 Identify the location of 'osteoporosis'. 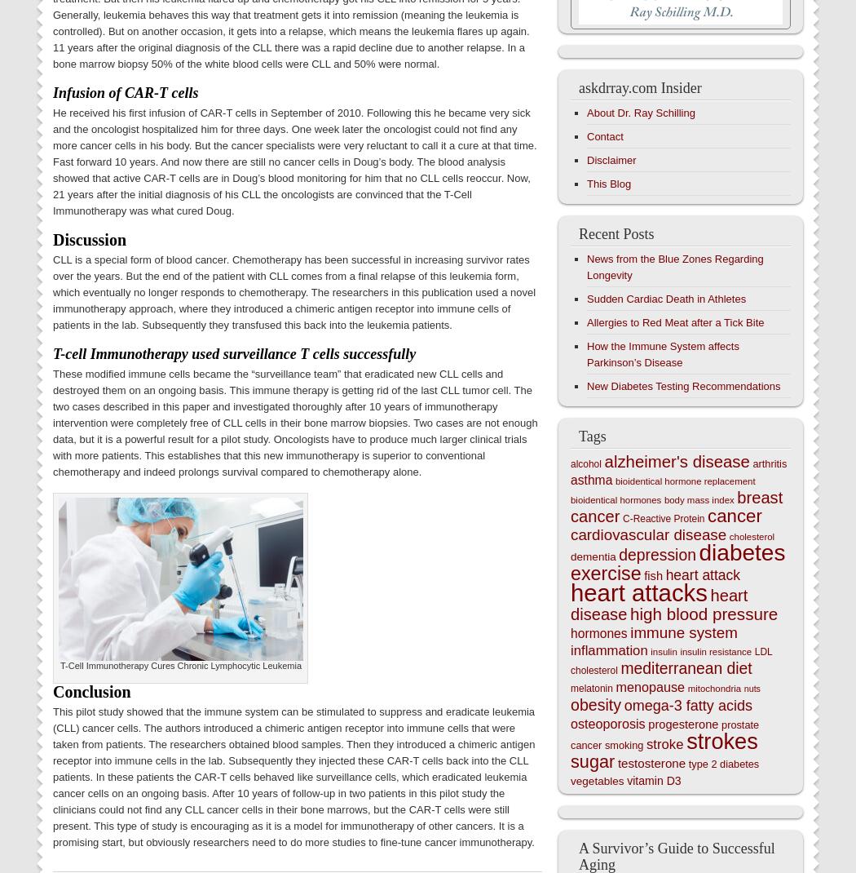
(571, 724).